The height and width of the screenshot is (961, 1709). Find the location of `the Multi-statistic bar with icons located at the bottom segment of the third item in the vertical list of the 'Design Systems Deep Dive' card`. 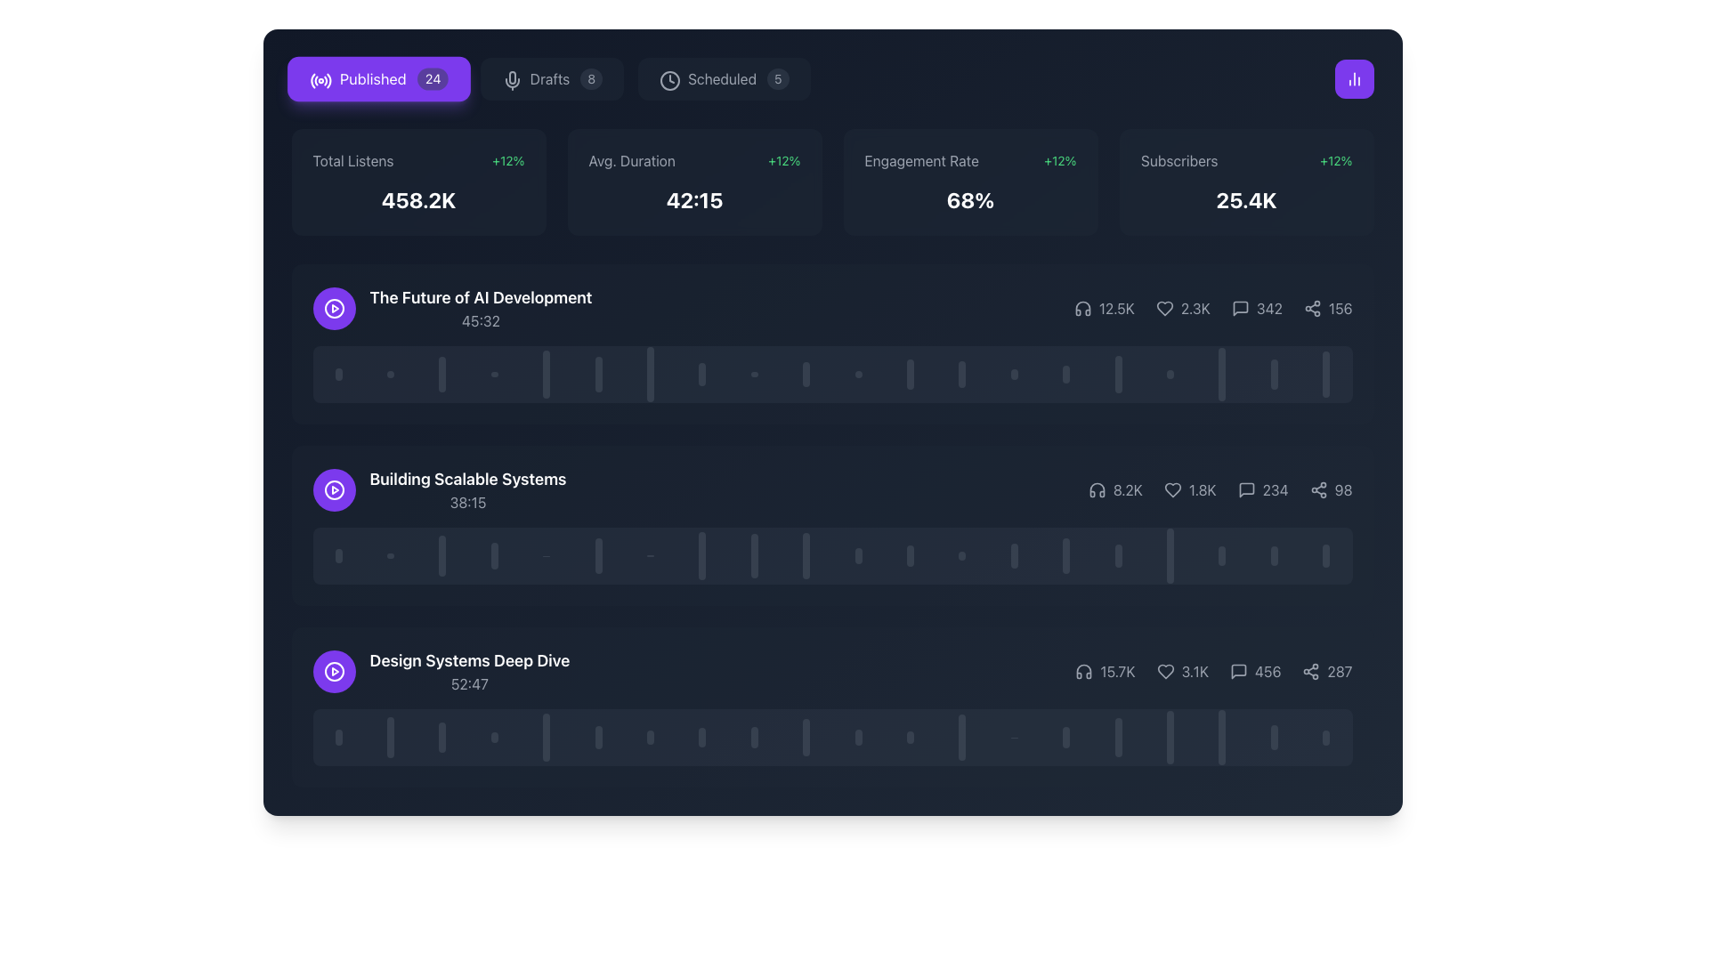

the Multi-statistic bar with icons located at the bottom segment of the third item in the vertical list of the 'Design Systems Deep Dive' card is located at coordinates (1212, 672).